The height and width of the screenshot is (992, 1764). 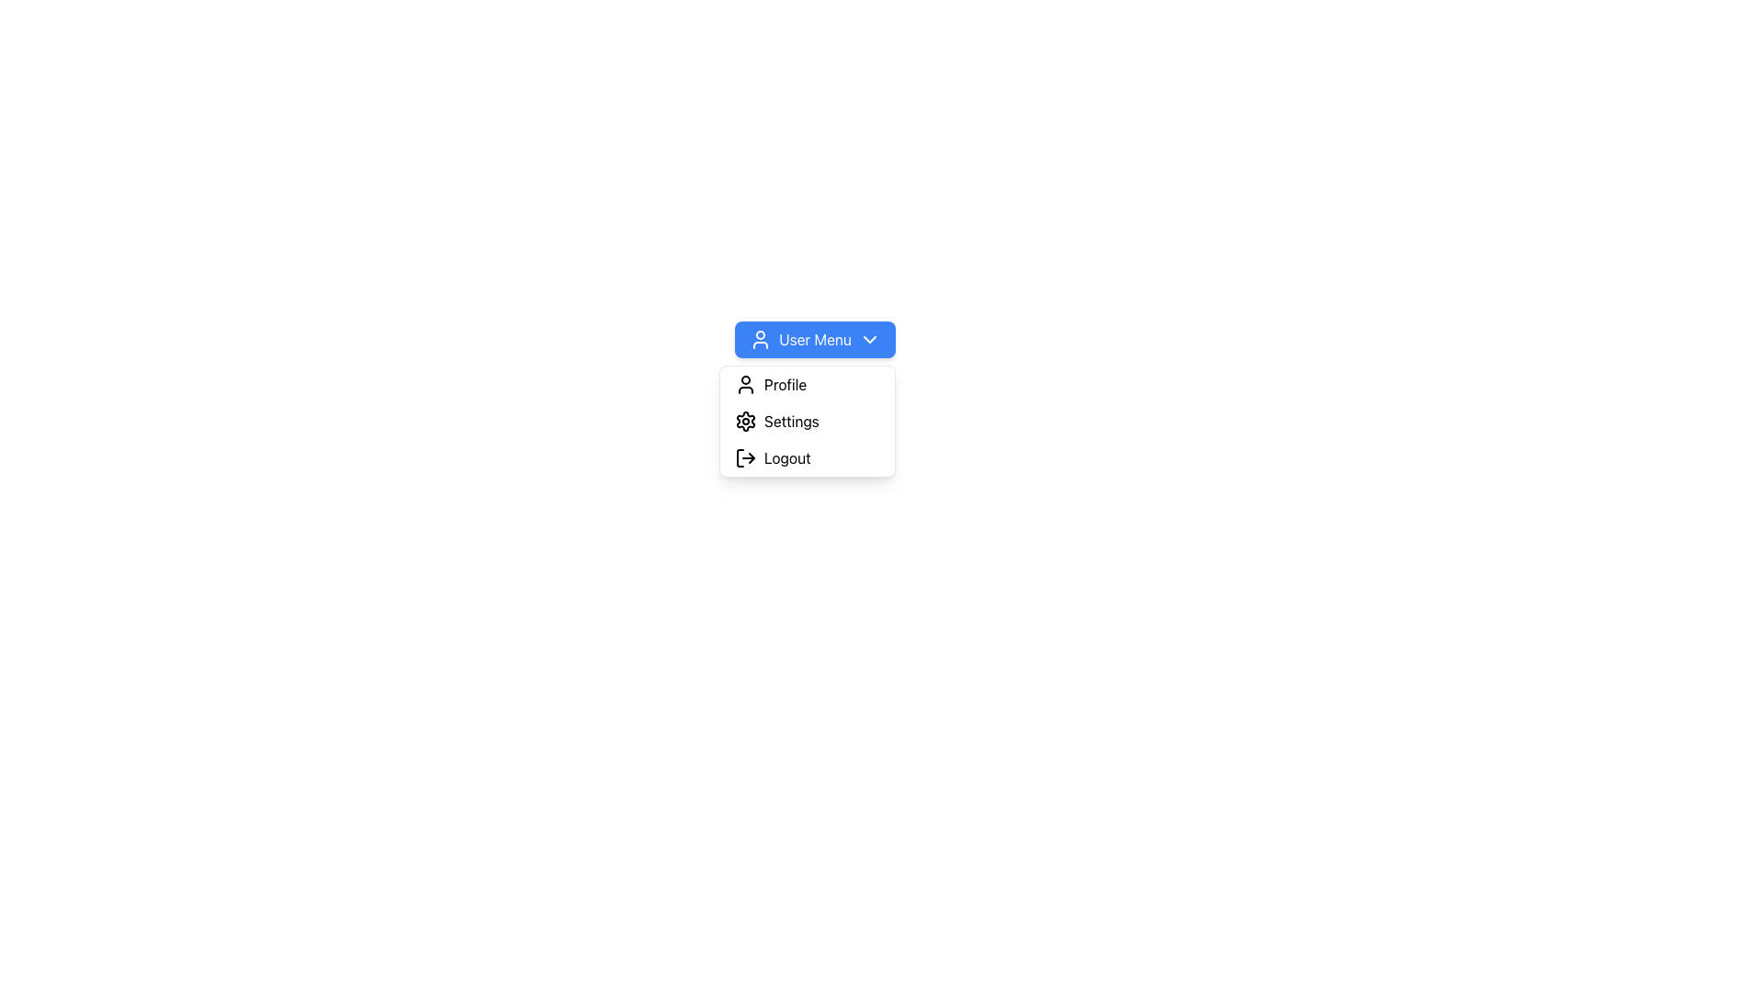 I want to click on the chevron icon located to the right of the 'User Menu' text within the blue button, so click(x=868, y=340).